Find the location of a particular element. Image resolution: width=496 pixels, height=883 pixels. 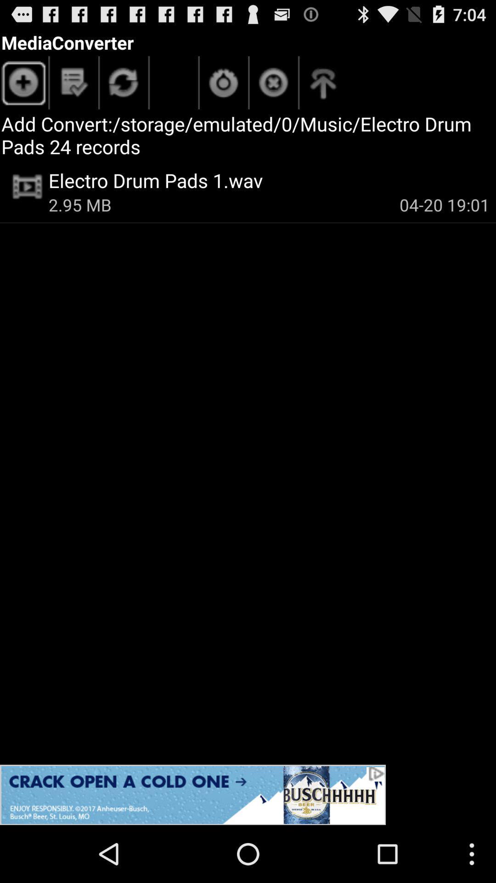

the refresh icon is located at coordinates (124, 91).